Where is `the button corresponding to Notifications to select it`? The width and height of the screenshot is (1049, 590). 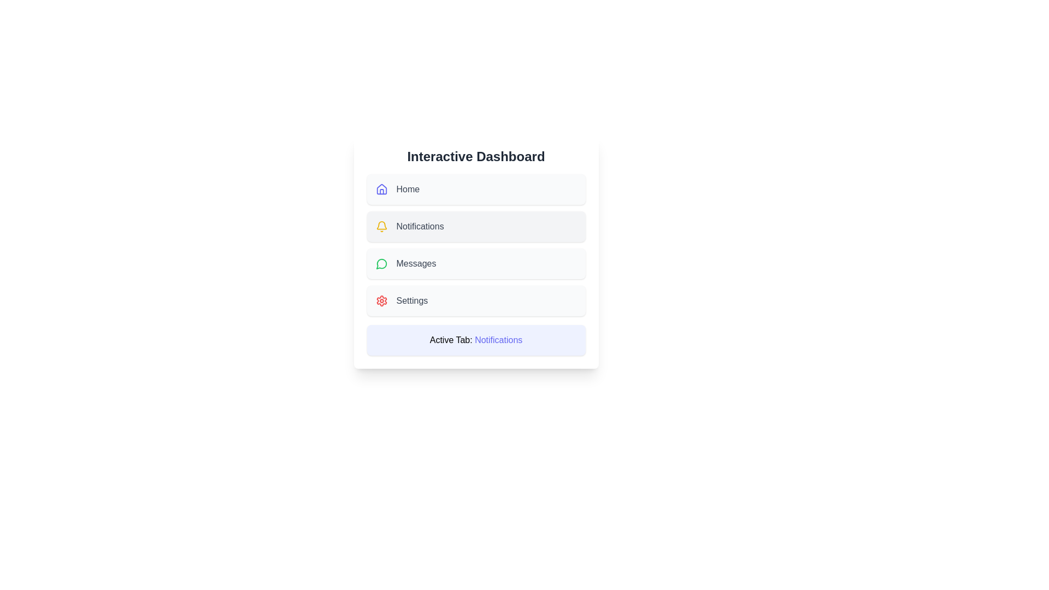
the button corresponding to Notifications to select it is located at coordinates (476, 226).